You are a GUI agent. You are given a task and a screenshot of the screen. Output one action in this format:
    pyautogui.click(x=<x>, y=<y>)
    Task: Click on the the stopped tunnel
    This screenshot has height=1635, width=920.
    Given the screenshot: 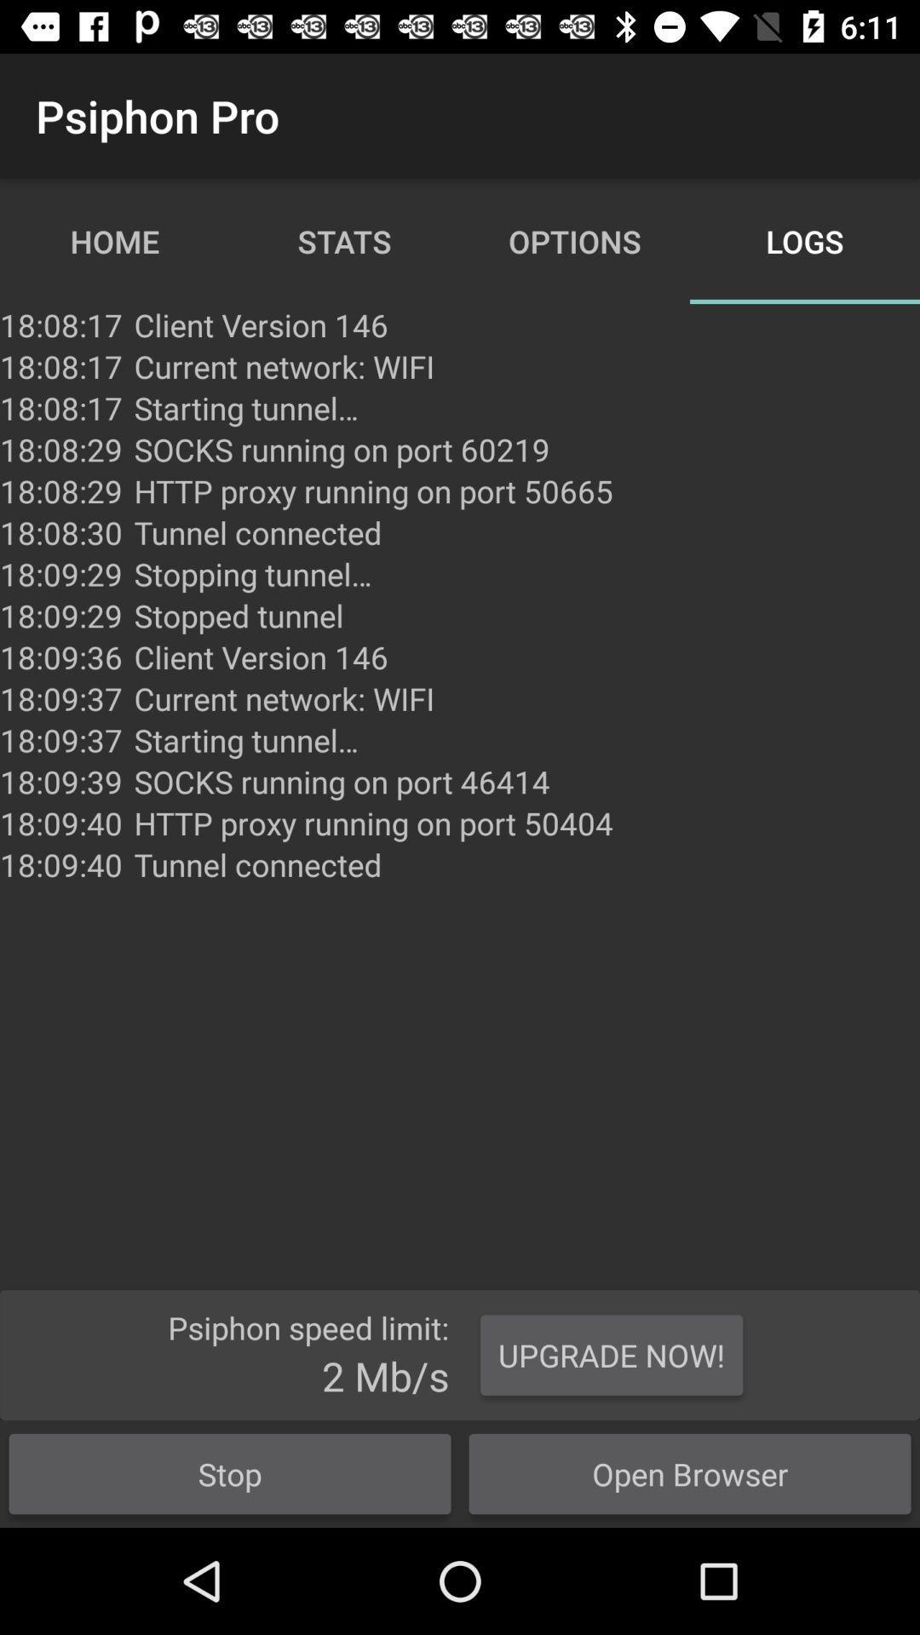 What is the action you would take?
    pyautogui.click(x=239, y=615)
    